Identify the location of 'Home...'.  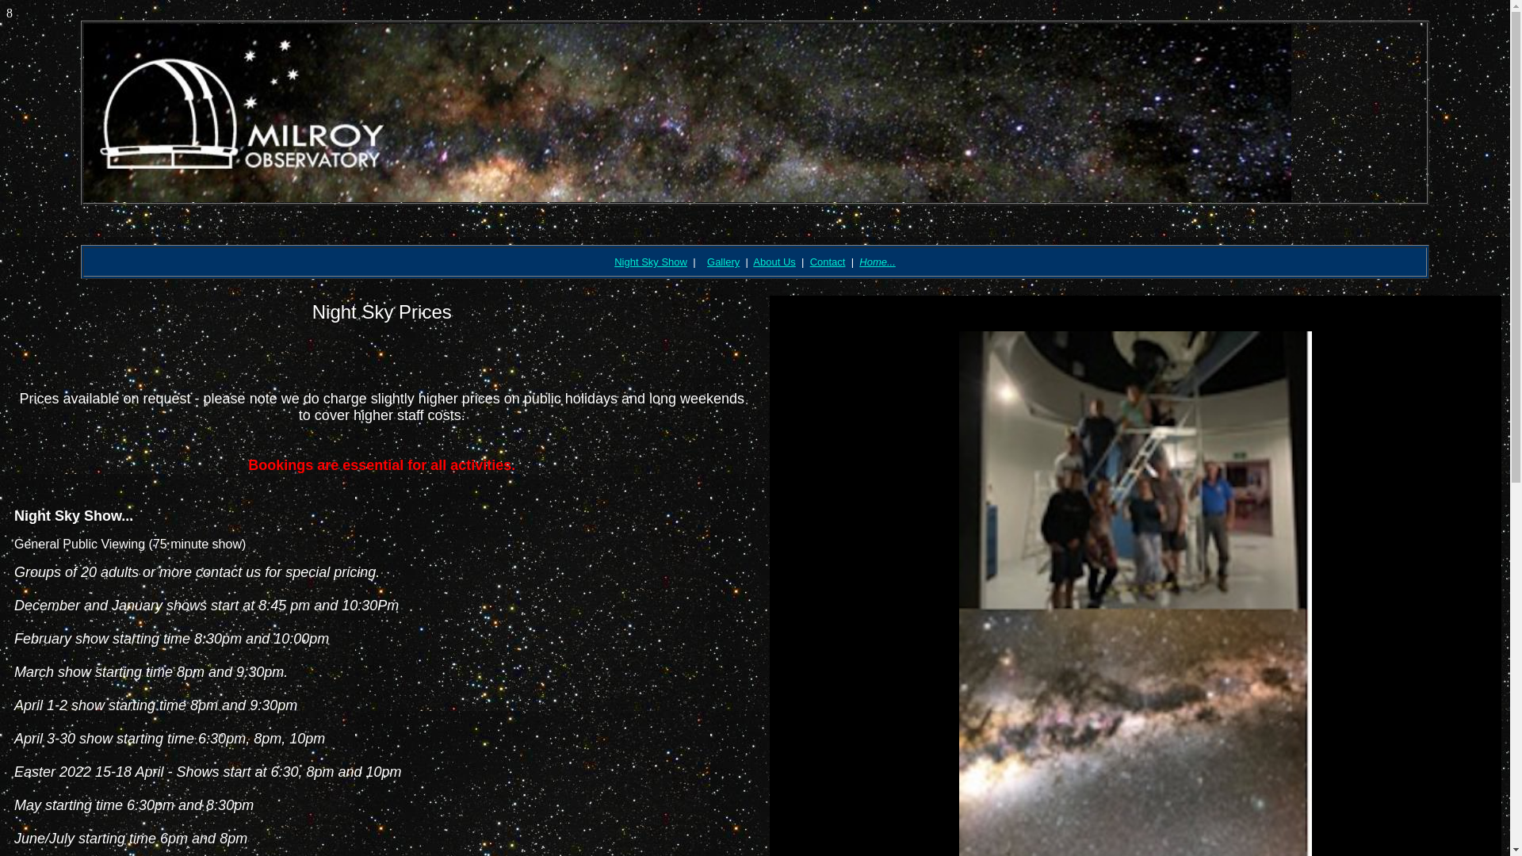
(877, 261).